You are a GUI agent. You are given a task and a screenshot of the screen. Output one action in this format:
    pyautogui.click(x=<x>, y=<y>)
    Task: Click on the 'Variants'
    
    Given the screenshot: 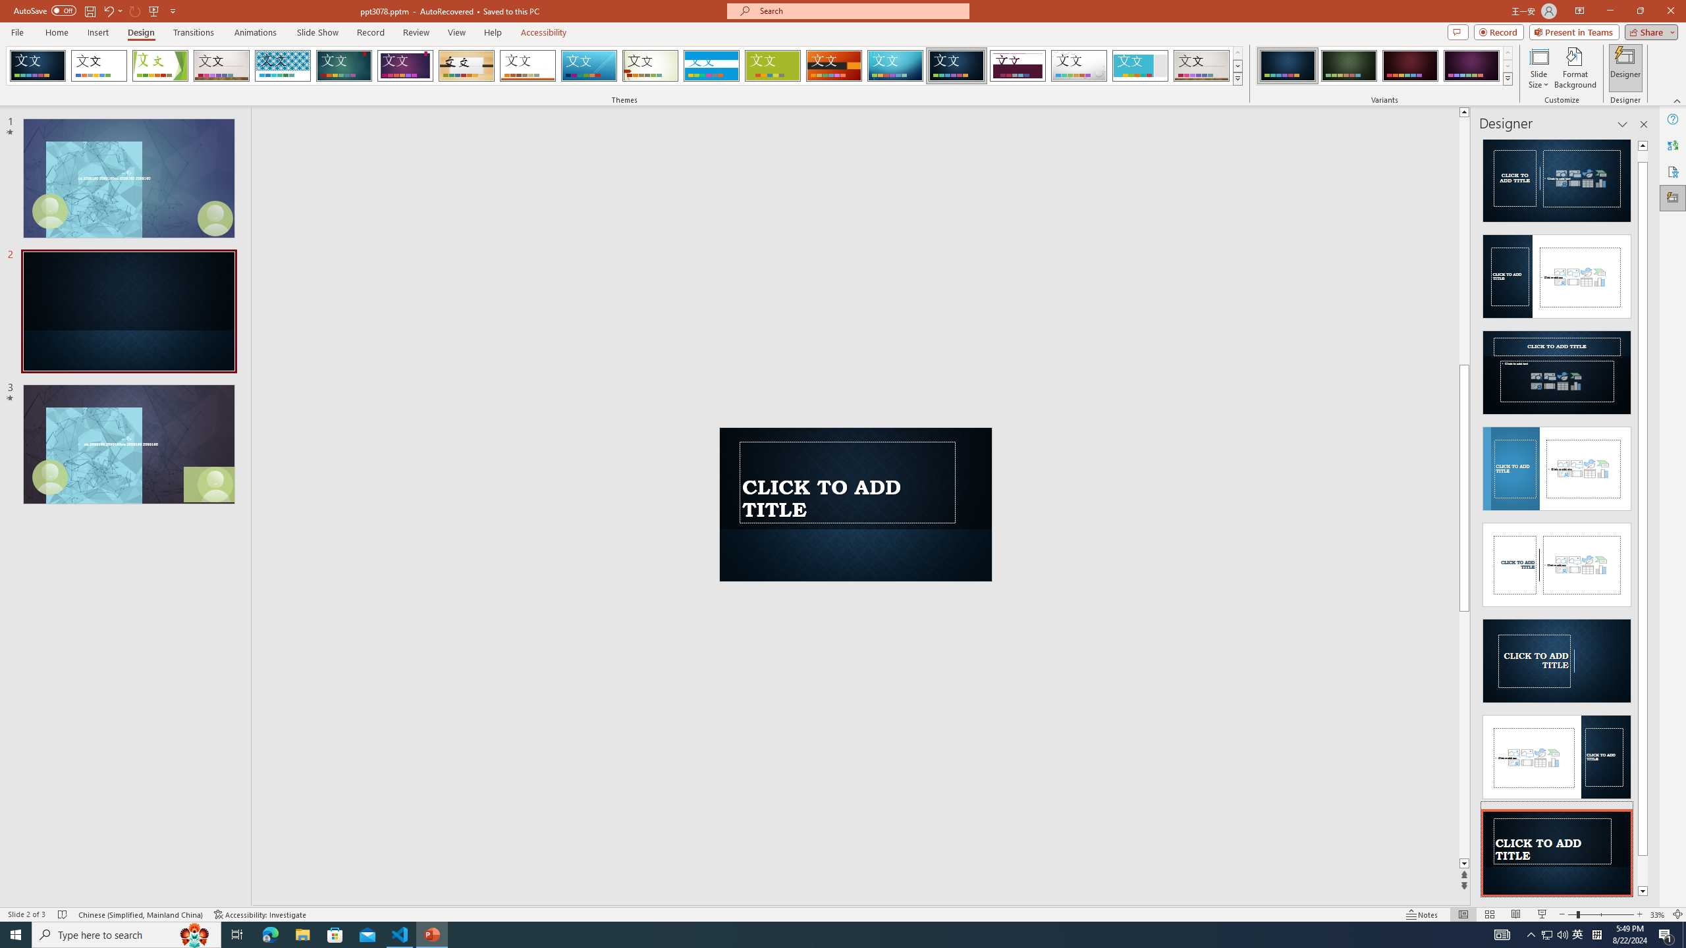 What is the action you would take?
    pyautogui.click(x=1506, y=78)
    